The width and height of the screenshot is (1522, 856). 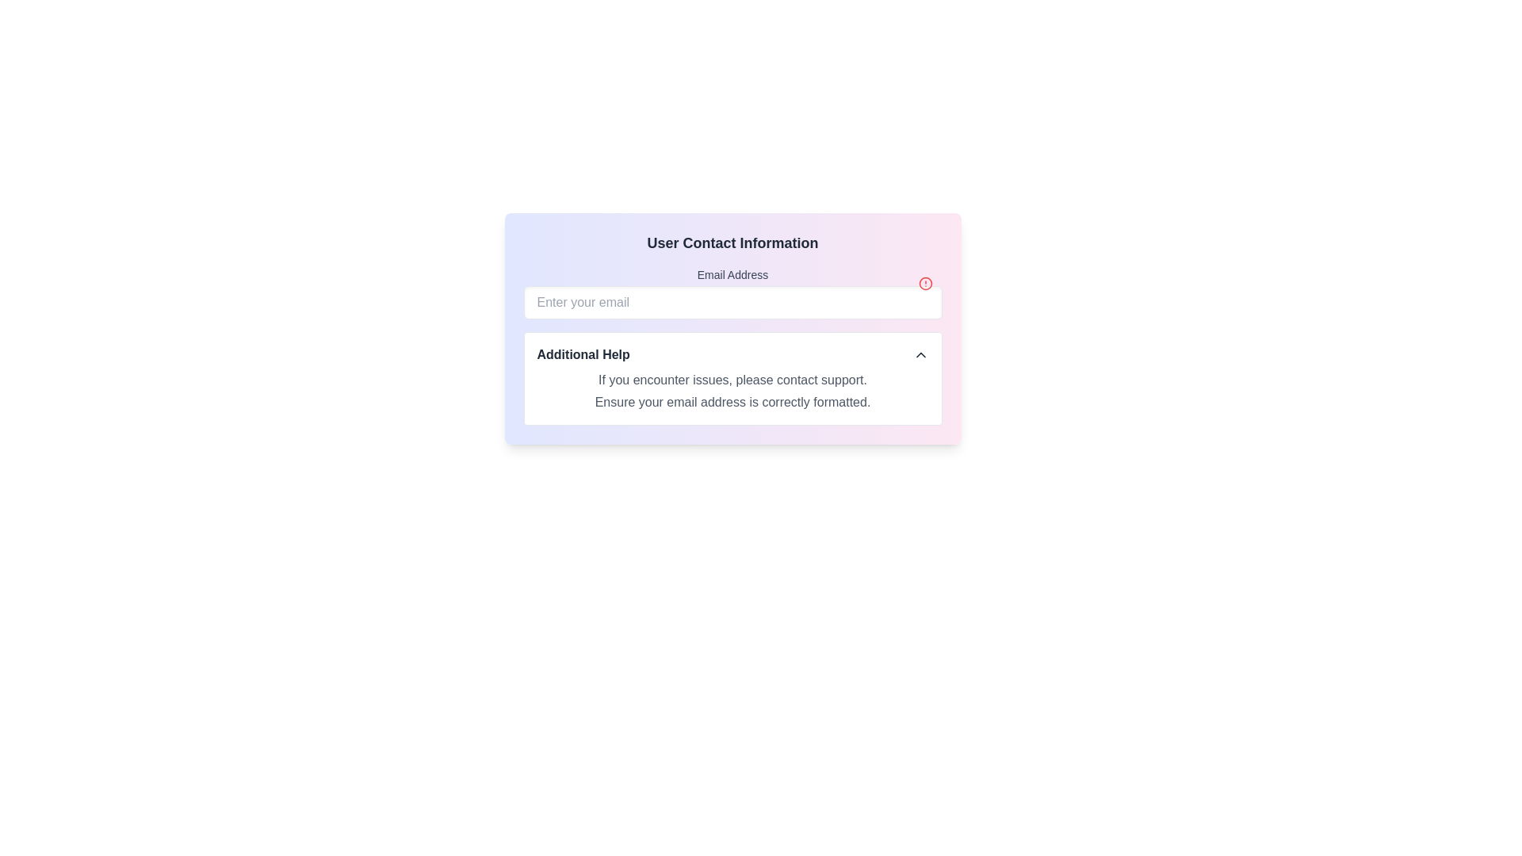 What do you see at coordinates (925, 283) in the screenshot?
I see `the circular graphical feature styled as a vector graphic, which is part of an error or alert icon located at the top-right corner of the input field's group box` at bounding box center [925, 283].